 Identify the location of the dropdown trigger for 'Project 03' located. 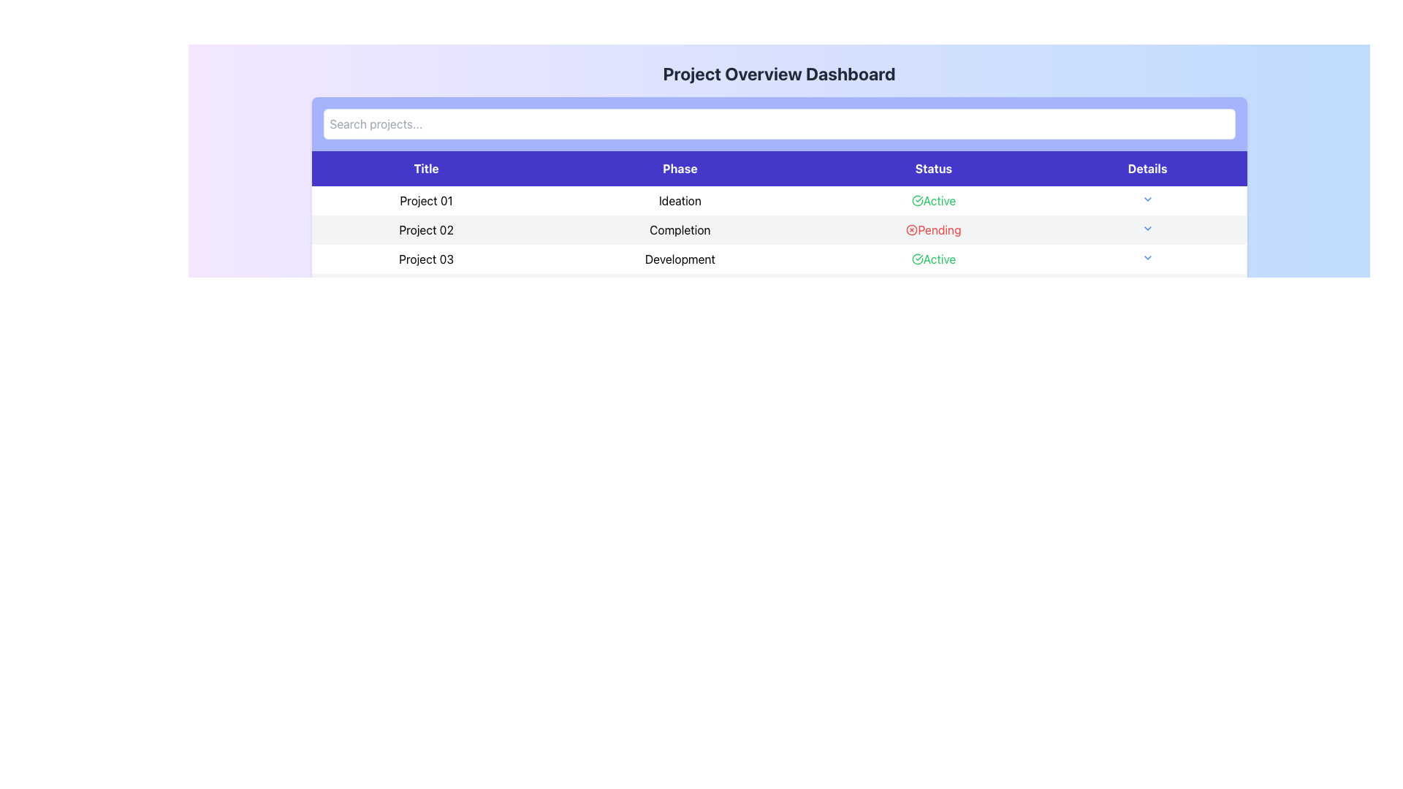
(1146, 258).